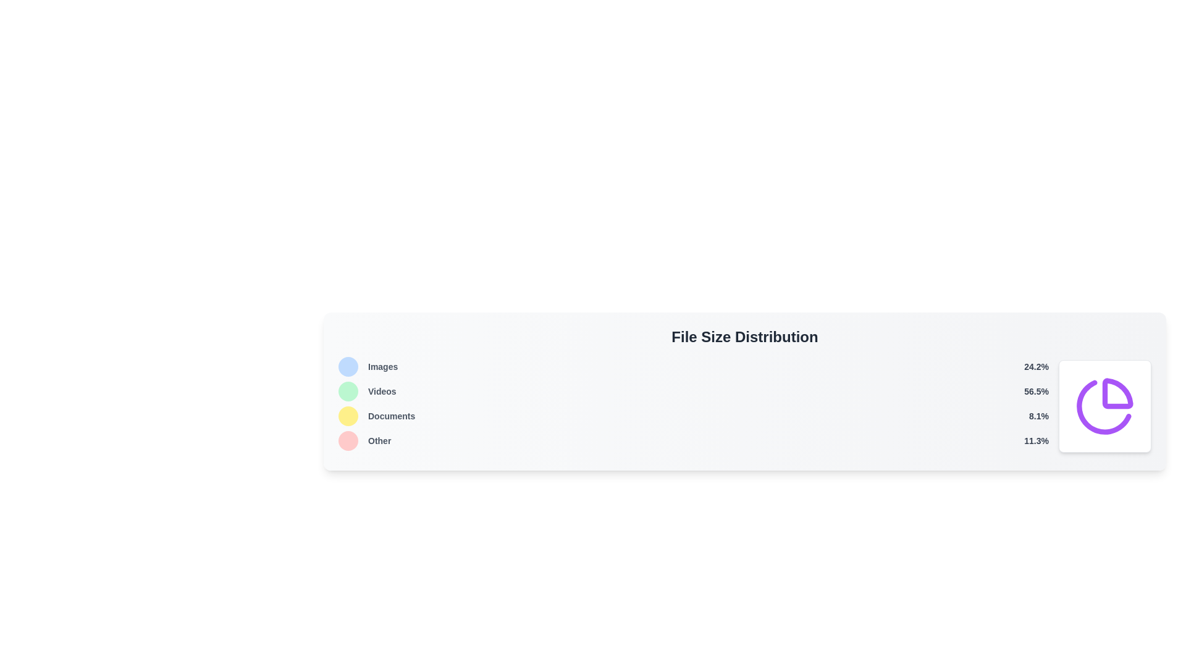 The image size is (1186, 667). What do you see at coordinates (1105, 406) in the screenshot?
I see `the pie chart icon, which features a purple wedge segment in a minimalistic design, located at the bottom-right section of the interface` at bounding box center [1105, 406].